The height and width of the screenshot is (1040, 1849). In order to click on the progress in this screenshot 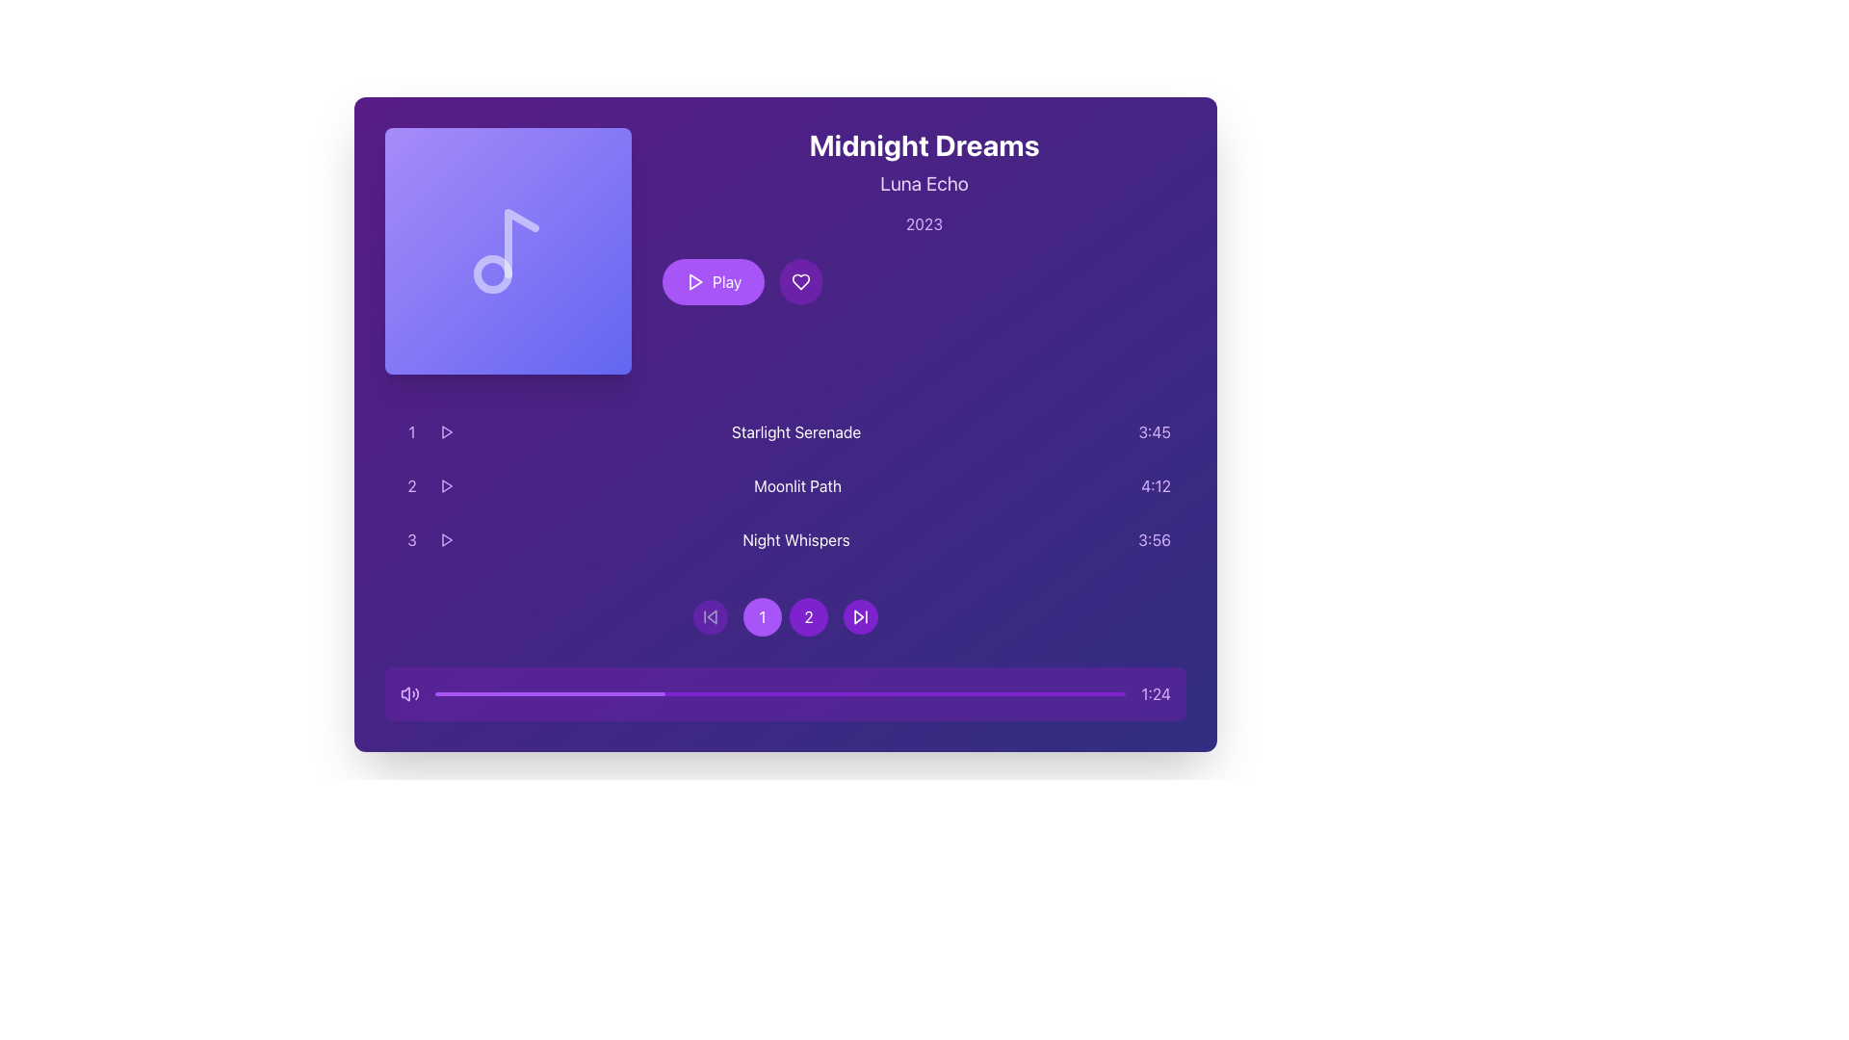, I will do `click(508, 694)`.